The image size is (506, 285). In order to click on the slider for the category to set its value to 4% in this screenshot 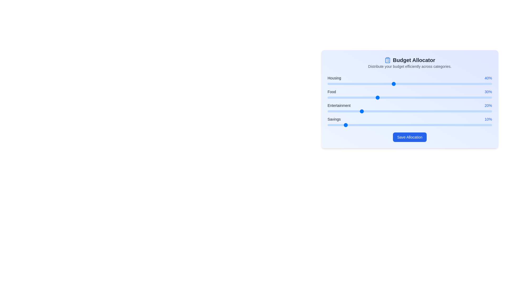, I will do `click(334, 83)`.